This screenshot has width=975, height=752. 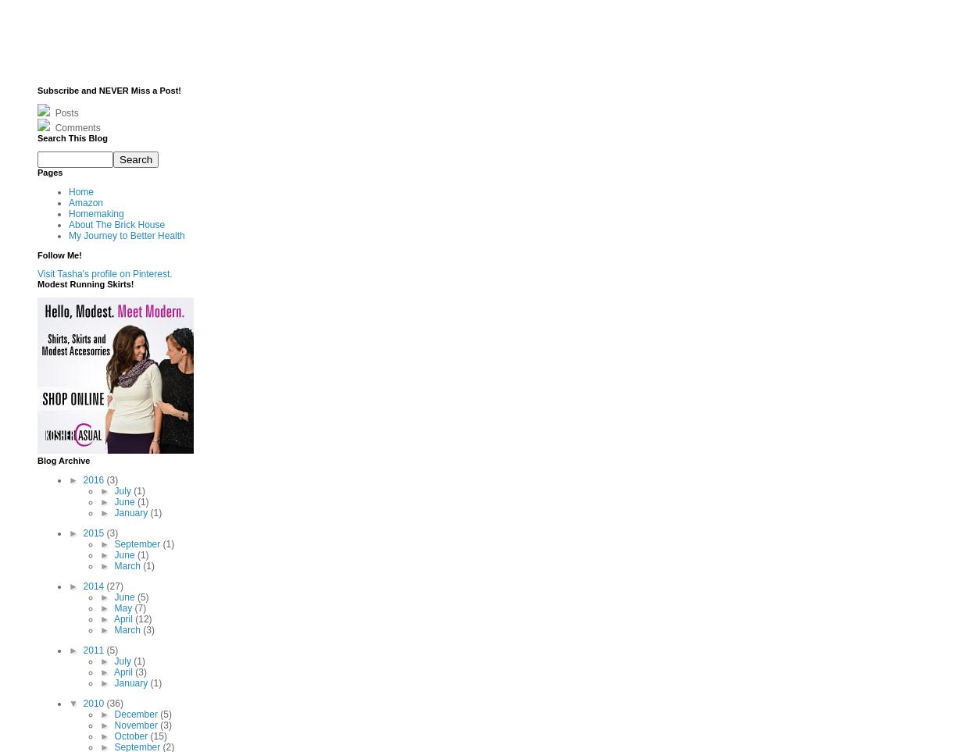 What do you see at coordinates (95, 532) in the screenshot?
I see `'2015'` at bounding box center [95, 532].